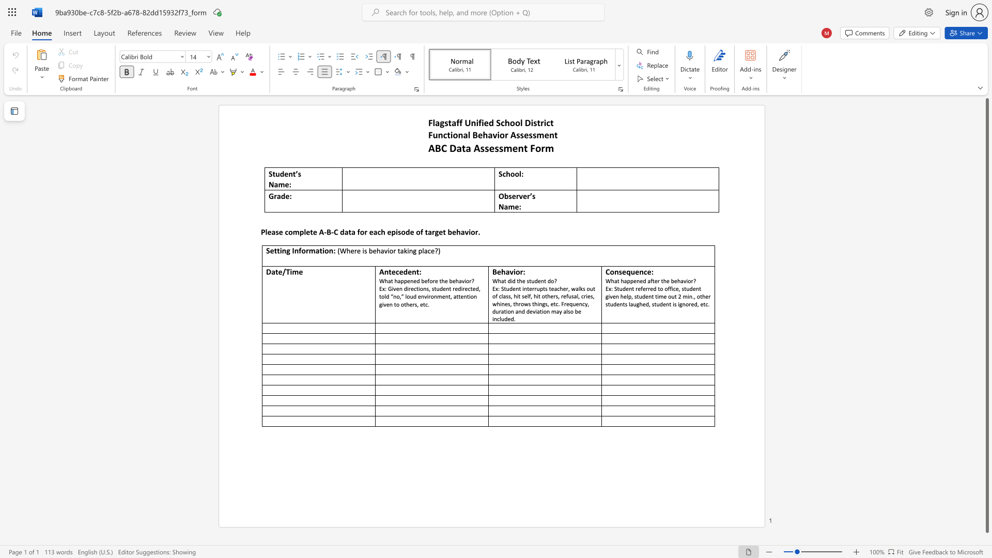  What do you see at coordinates (274, 184) in the screenshot?
I see `the subset text "ame:" within the text "Student’s Name:"` at bounding box center [274, 184].